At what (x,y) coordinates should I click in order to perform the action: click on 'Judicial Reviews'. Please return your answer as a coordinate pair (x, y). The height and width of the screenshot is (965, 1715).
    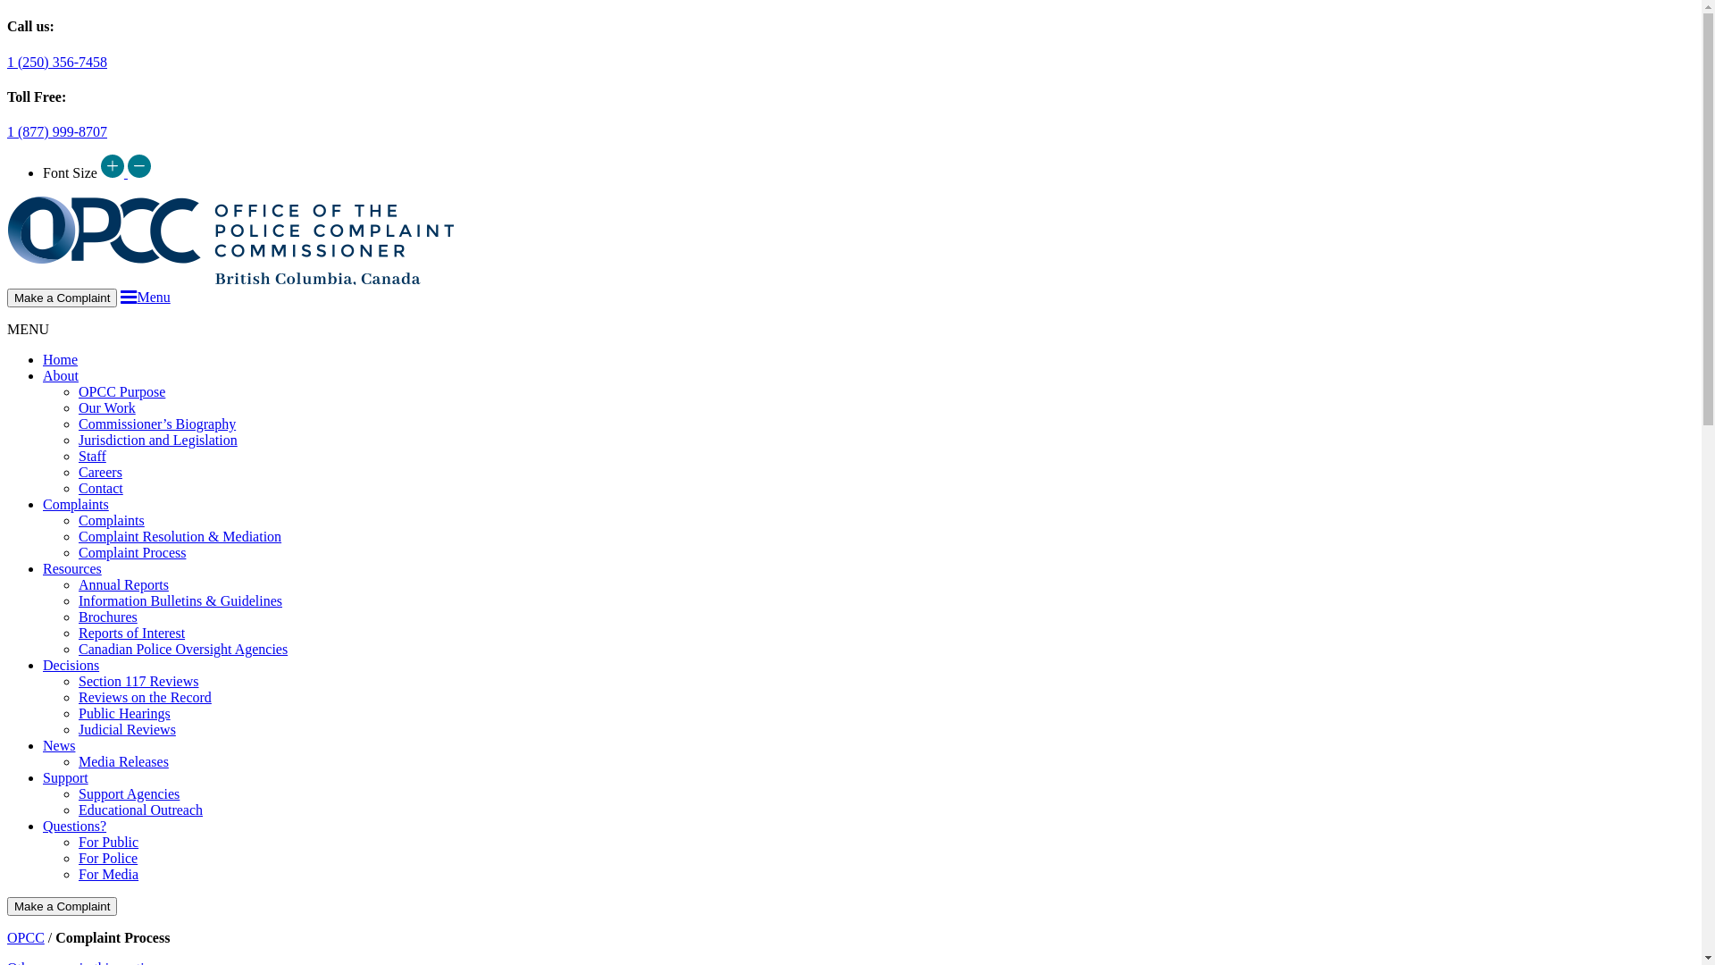
    Looking at the image, I should click on (77, 729).